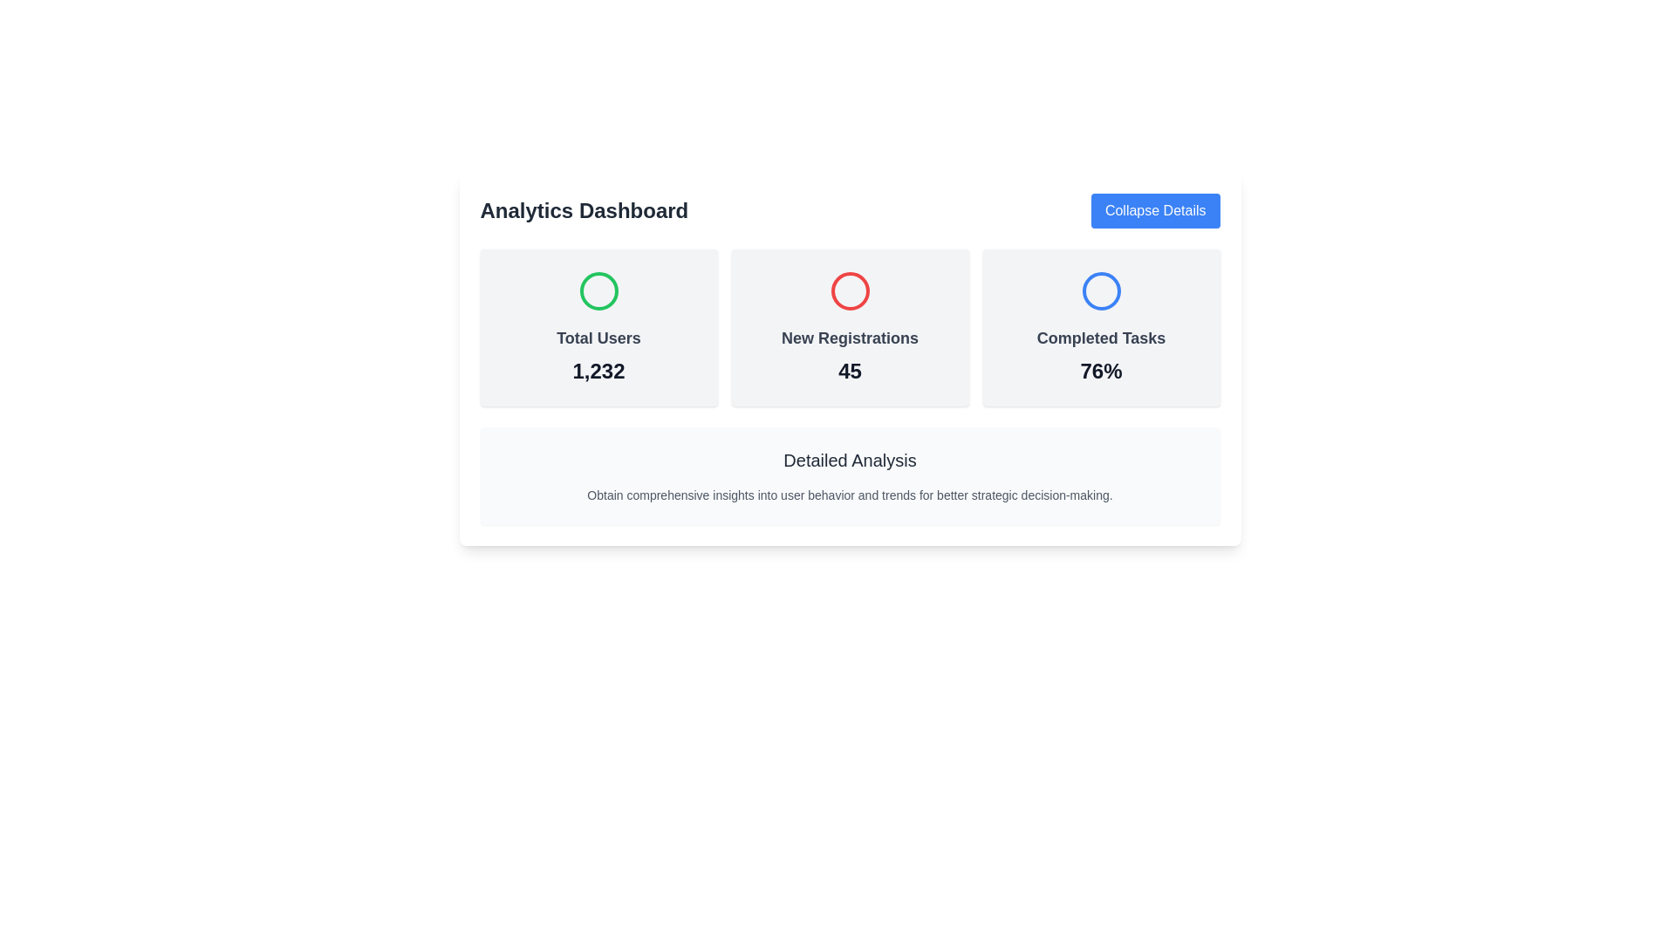 Image resolution: width=1675 pixels, height=942 pixels. Describe the element at coordinates (598, 370) in the screenshot. I see `the value '1,232' displayed in bold, large-sized black text` at that location.